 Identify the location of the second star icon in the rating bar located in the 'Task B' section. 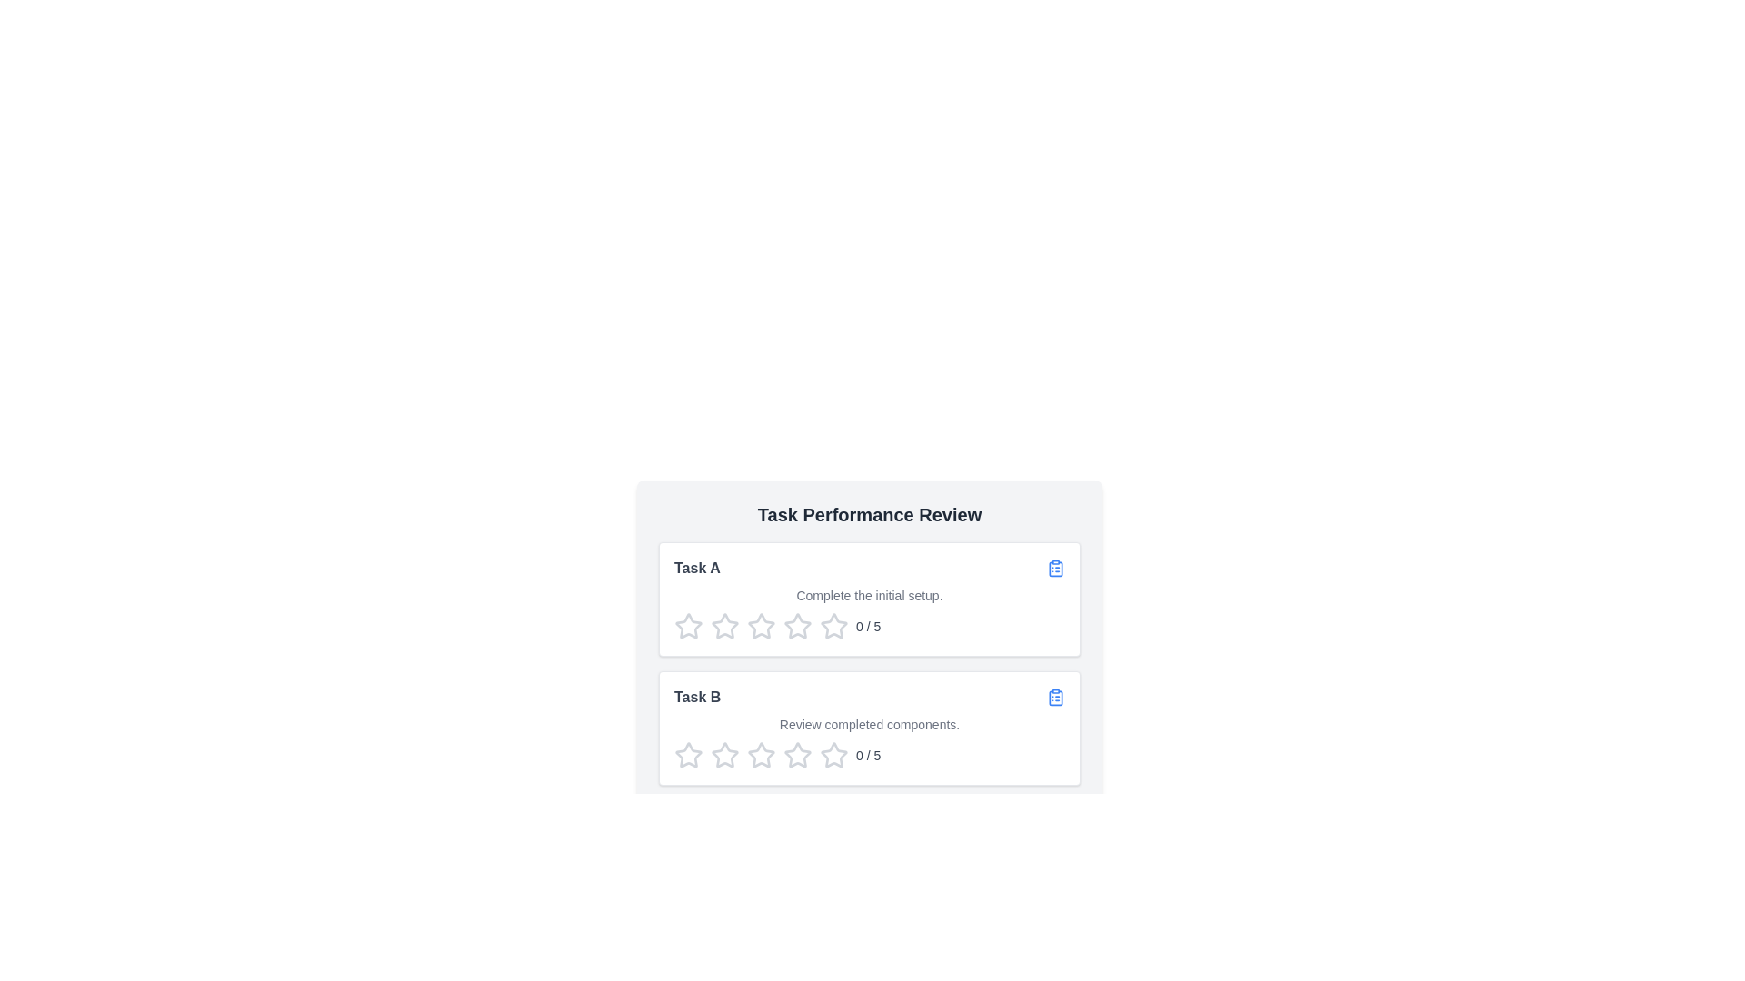
(797, 754).